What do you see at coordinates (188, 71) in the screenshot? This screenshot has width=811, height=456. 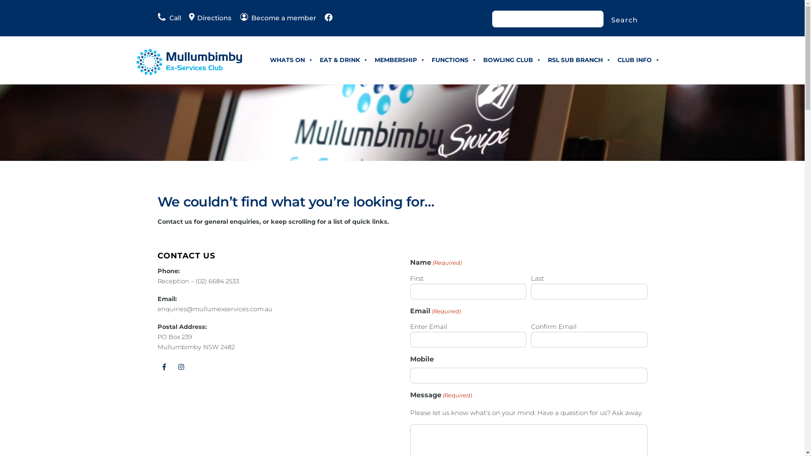 I see `'Mullumbimby Ex-Services Club'` at bounding box center [188, 71].